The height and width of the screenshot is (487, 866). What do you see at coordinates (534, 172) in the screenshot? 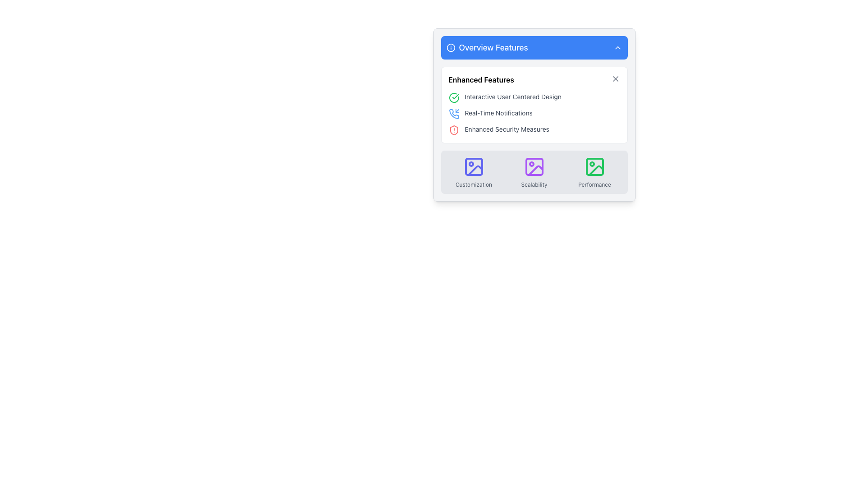
I see `the purple icon resembling an image outline with the label 'Scalability'` at bounding box center [534, 172].